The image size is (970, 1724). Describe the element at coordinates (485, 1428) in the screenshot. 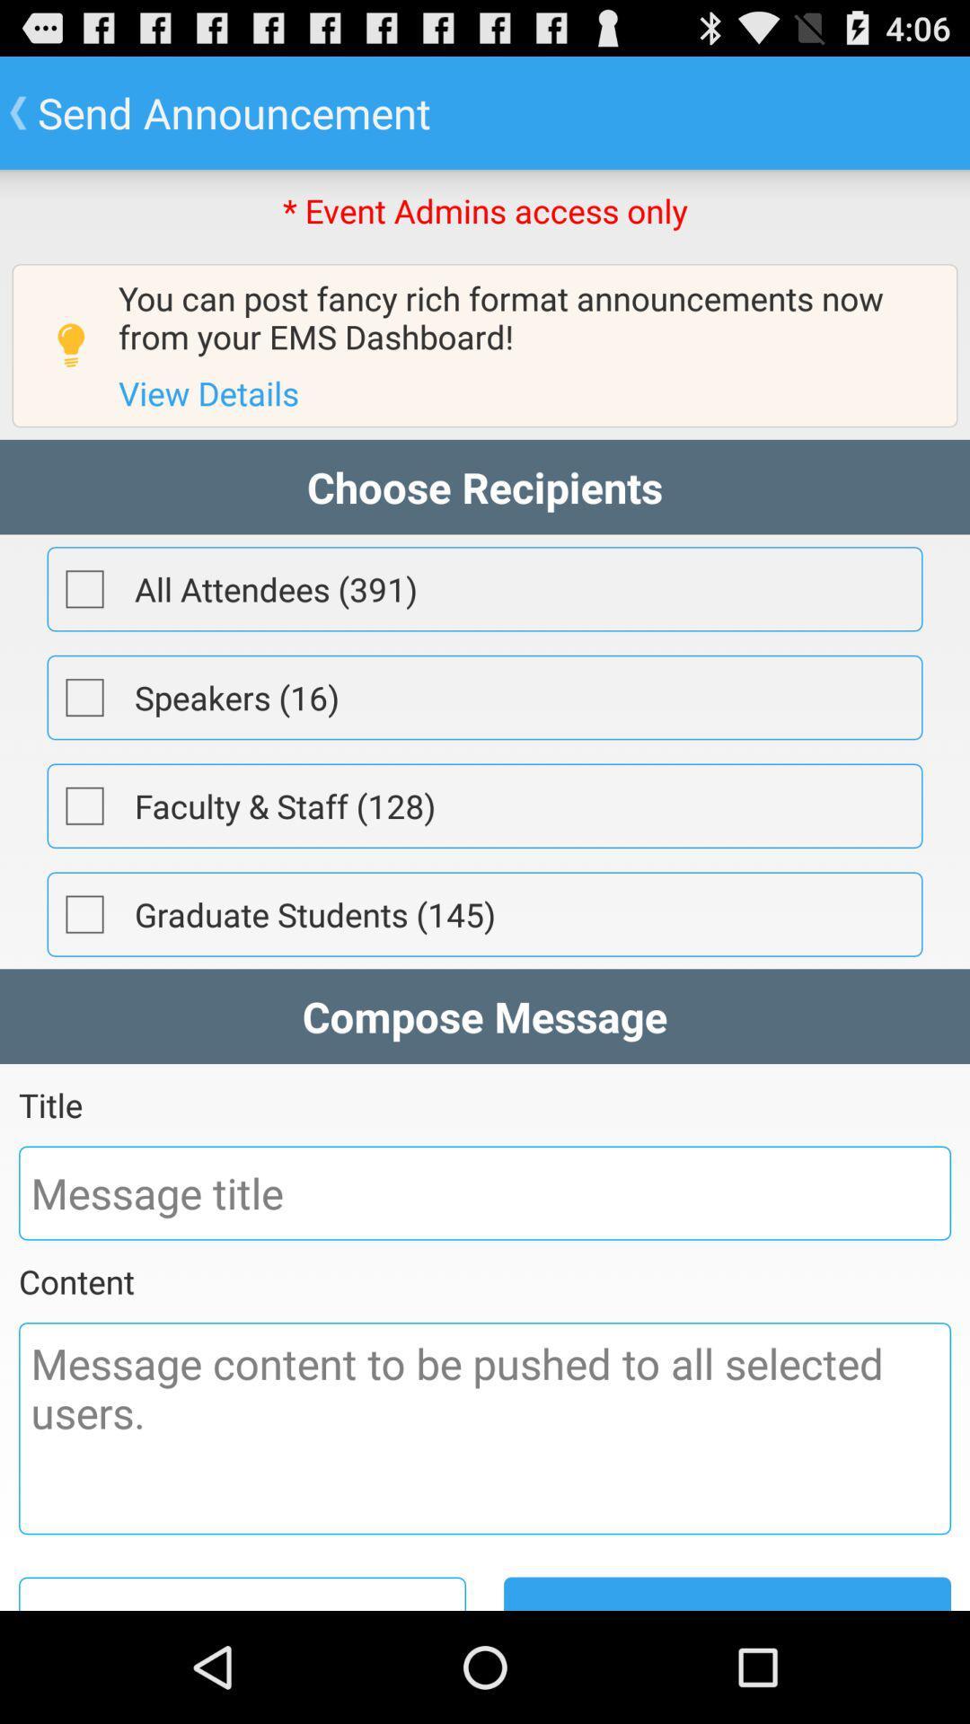

I see `compose message` at that location.